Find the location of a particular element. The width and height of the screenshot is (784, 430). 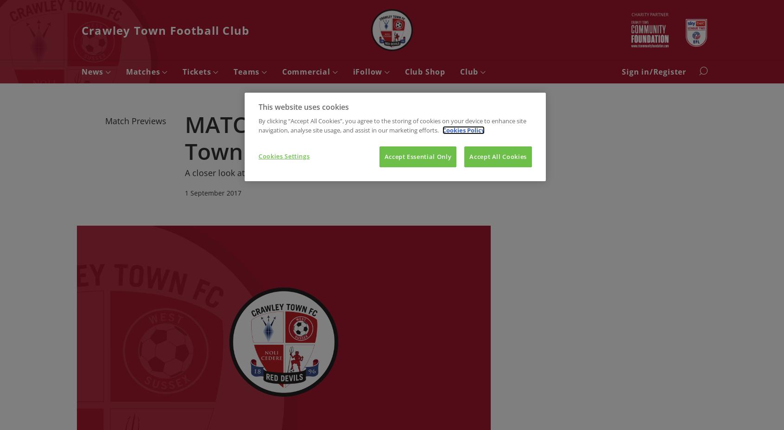

'1 September 2017' is located at coordinates (213, 192).